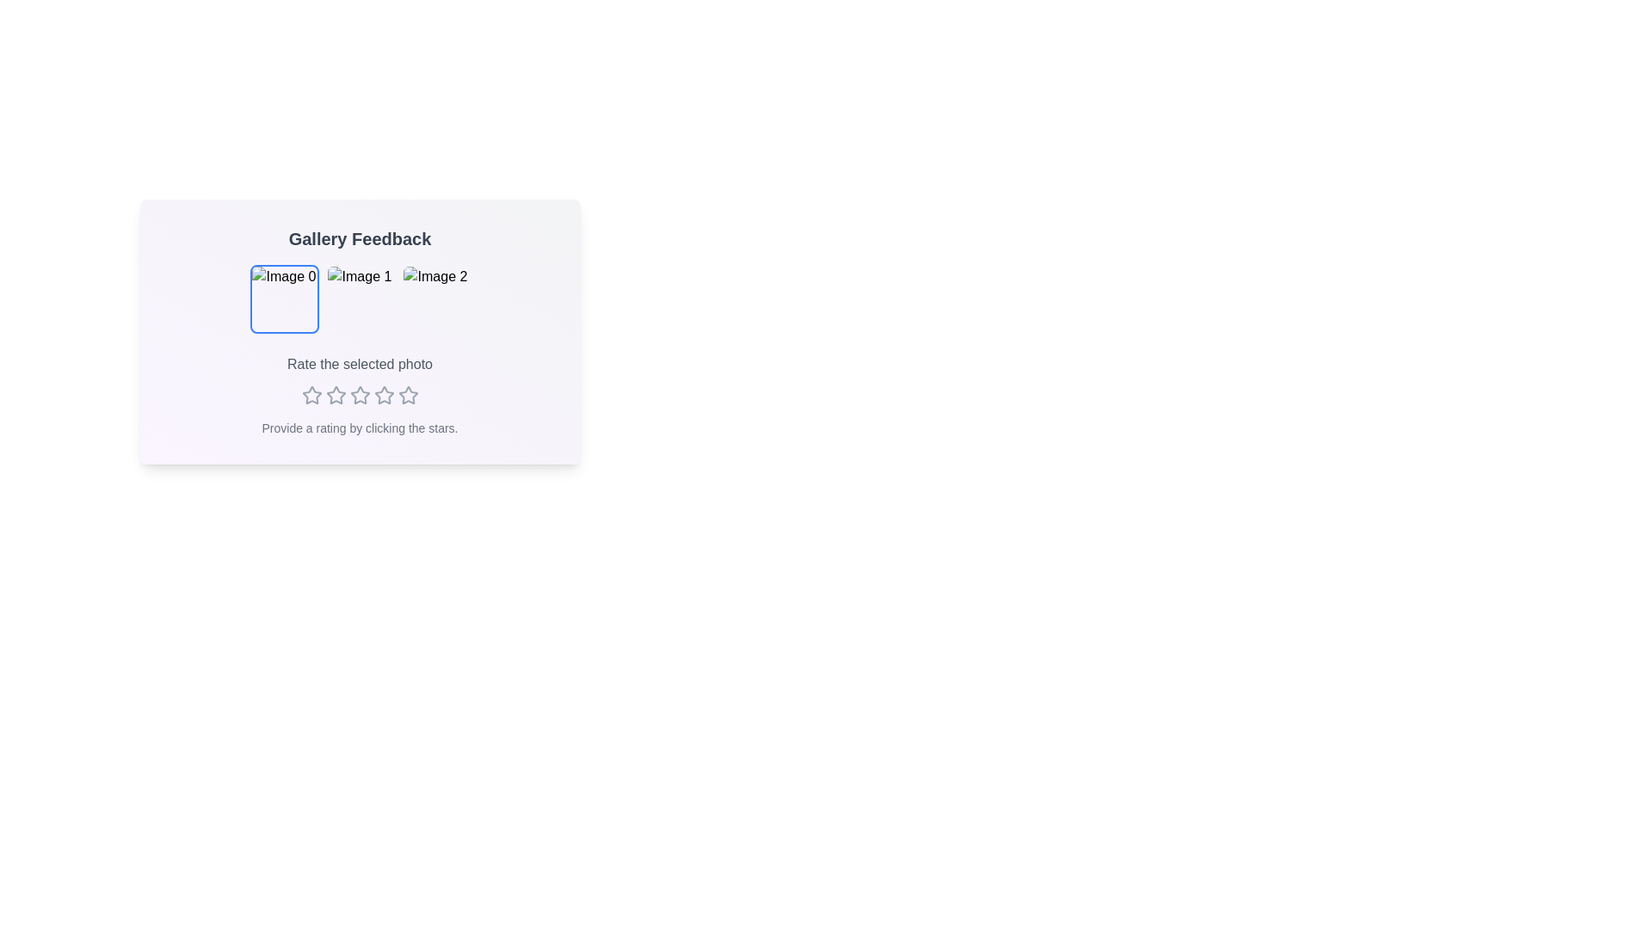 The image size is (1652, 929). What do you see at coordinates (359, 298) in the screenshot?
I see `the second selectable image option in the horizontal collection` at bounding box center [359, 298].